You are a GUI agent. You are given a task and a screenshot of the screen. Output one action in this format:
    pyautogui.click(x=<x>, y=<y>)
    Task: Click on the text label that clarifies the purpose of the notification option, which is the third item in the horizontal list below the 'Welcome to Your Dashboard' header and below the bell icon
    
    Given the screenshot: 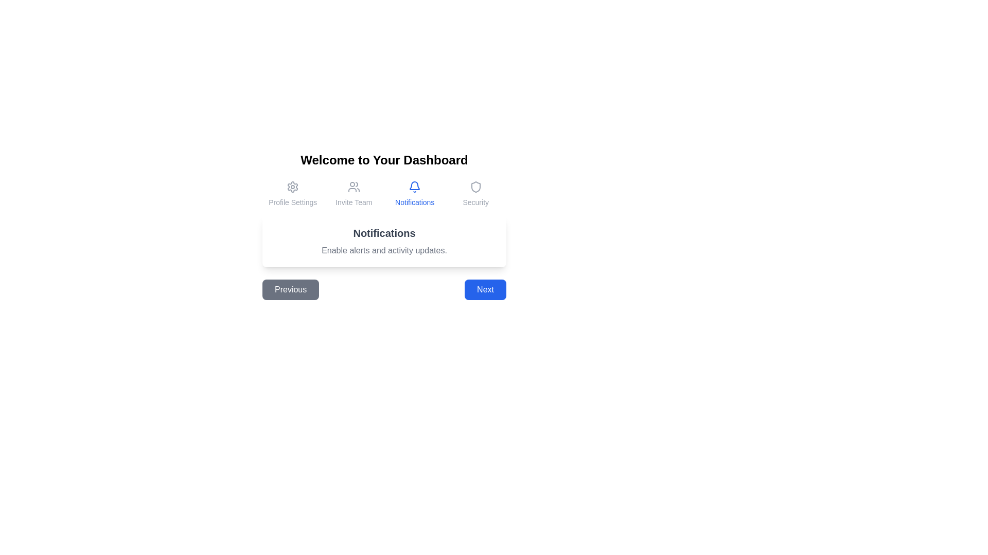 What is the action you would take?
    pyautogui.click(x=415, y=202)
    